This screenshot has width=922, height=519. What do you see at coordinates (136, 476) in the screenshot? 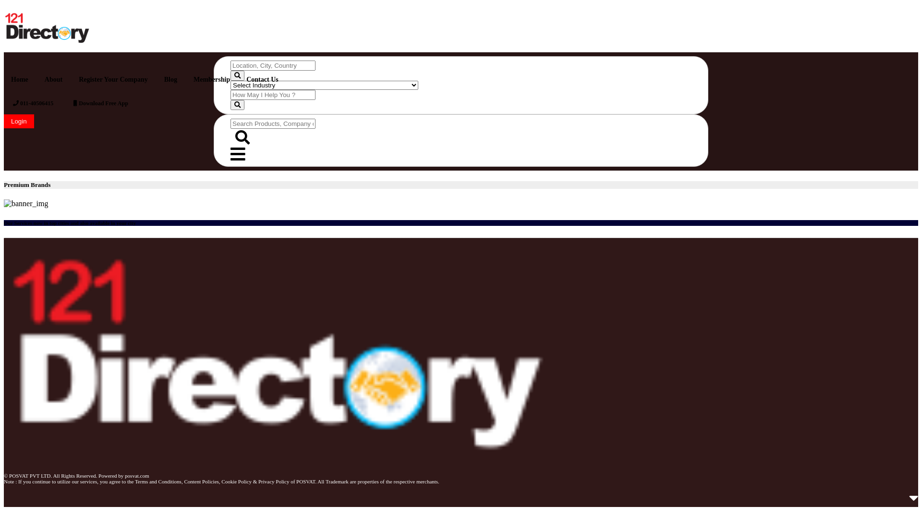
I see `'posvat.com'` at bounding box center [136, 476].